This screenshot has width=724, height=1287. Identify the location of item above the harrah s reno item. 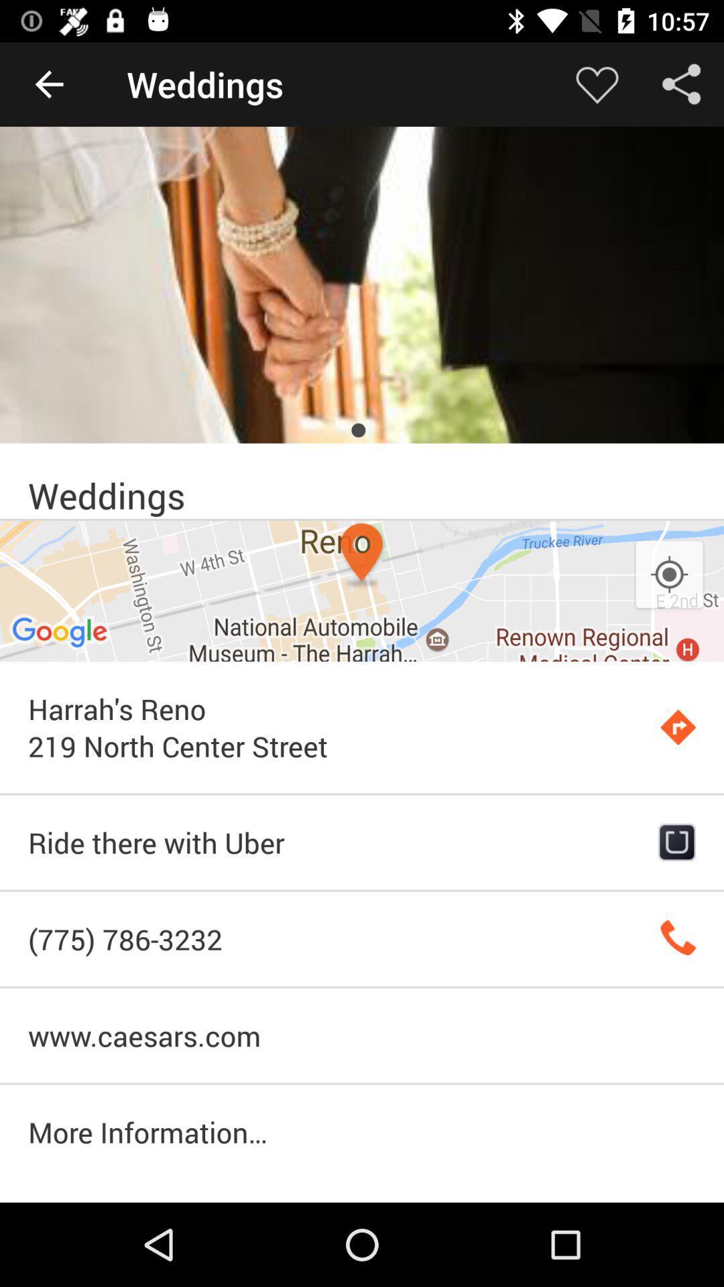
(669, 575).